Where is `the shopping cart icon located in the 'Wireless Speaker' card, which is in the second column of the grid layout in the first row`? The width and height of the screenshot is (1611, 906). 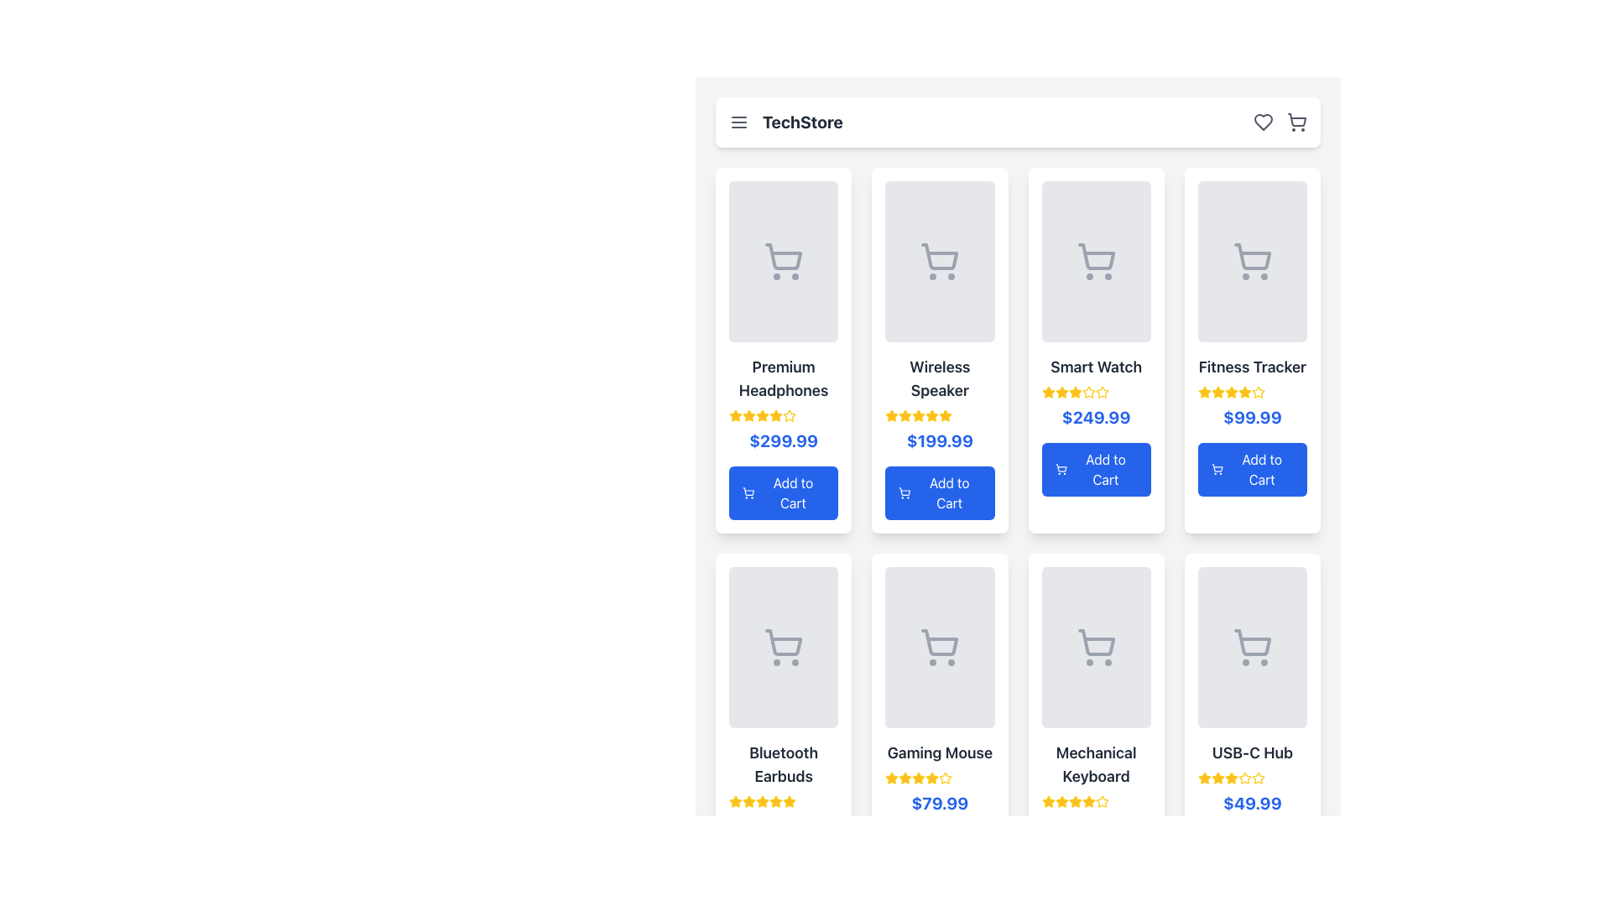 the shopping cart icon located in the 'Wireless Speaker' card, which is in the second column of the grid layout in the first row is located at coordinates (940, 257).